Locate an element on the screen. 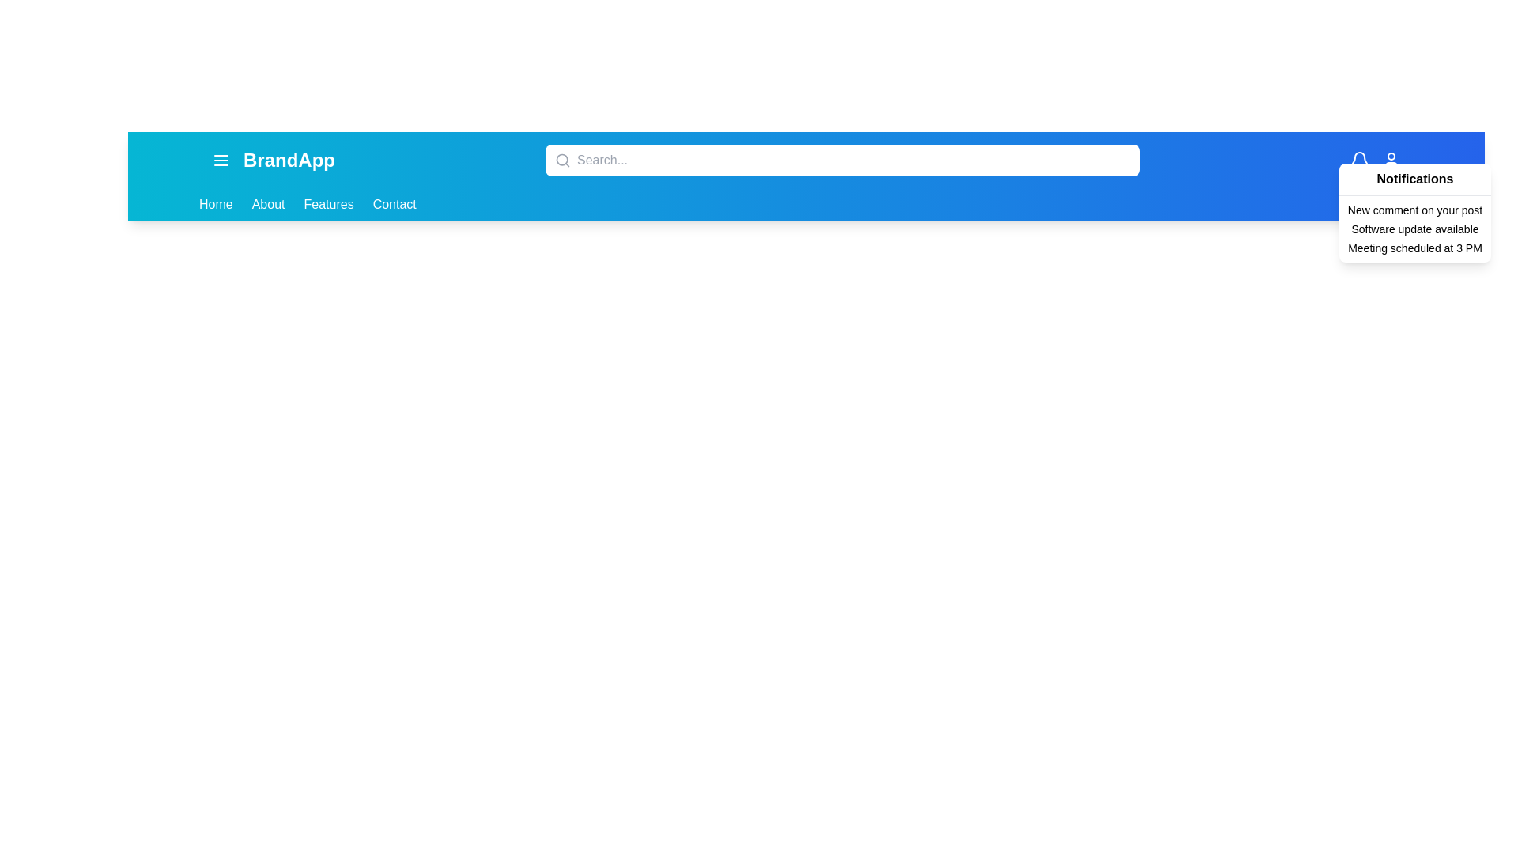 Image resolution: width=1518 pixels, height=854 pixels. the bell icon to toggle the notifications panel is located at coordinates (1358, 161).